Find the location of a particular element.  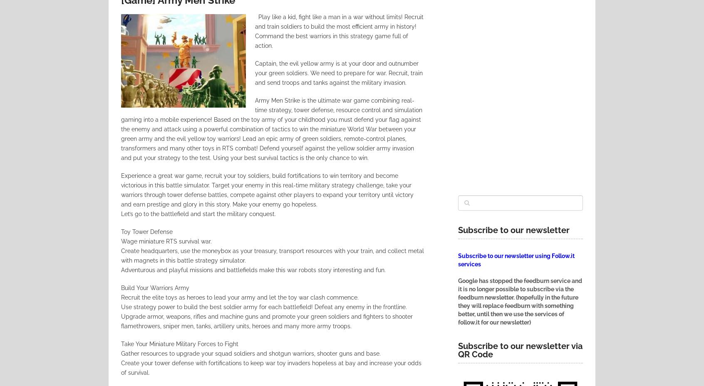

'Create headquarters, use the moneybox as your treasury, transport resources with your train, and collect metal with magnets in this battle strategy simulator.' is located at coordinates (272, 255).